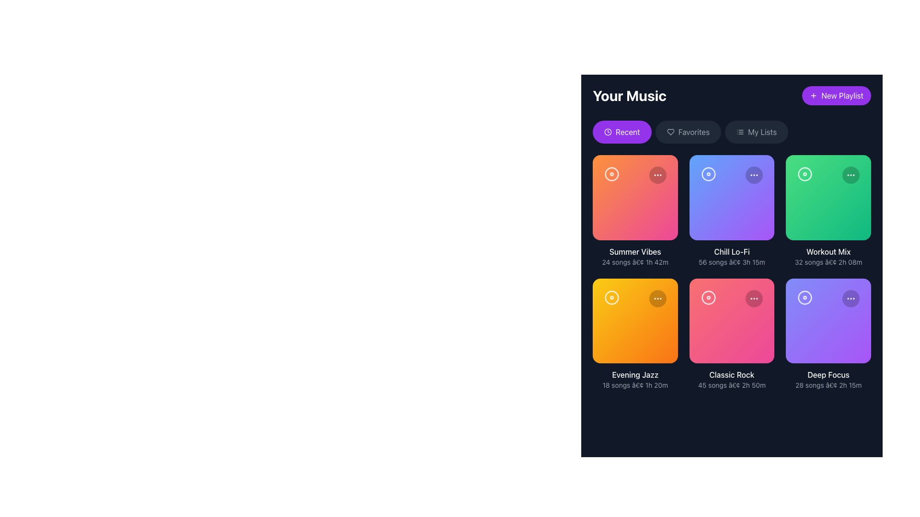  What do you see at coordinates (635, 385) in the screenshot?
I see `the text label displaying '18 songs • 1h 20m' which is styled in light gray and positioned below the 'Evening Jazz' title in the playlist grid` at bounding box center [635, 385].